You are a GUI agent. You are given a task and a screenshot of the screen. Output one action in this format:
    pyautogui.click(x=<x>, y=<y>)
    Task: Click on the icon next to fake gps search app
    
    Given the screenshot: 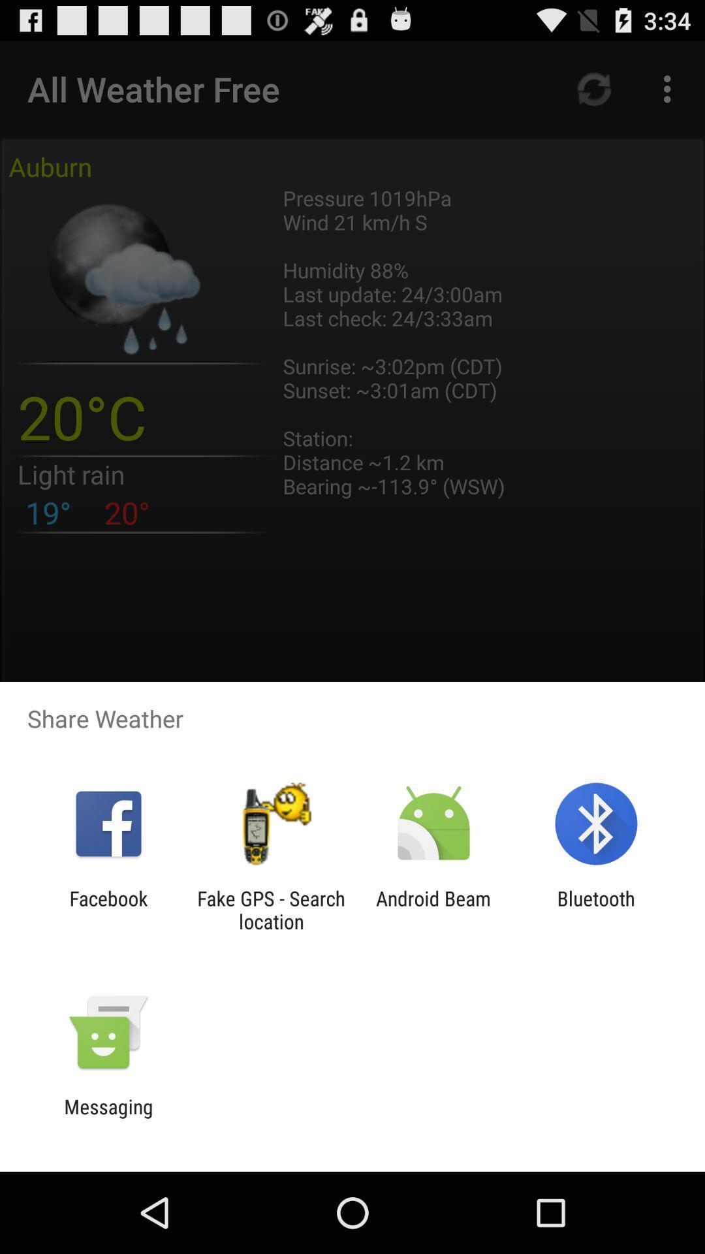 What is the action you would take?
    pyautogui.click(x=433, y=909)
    